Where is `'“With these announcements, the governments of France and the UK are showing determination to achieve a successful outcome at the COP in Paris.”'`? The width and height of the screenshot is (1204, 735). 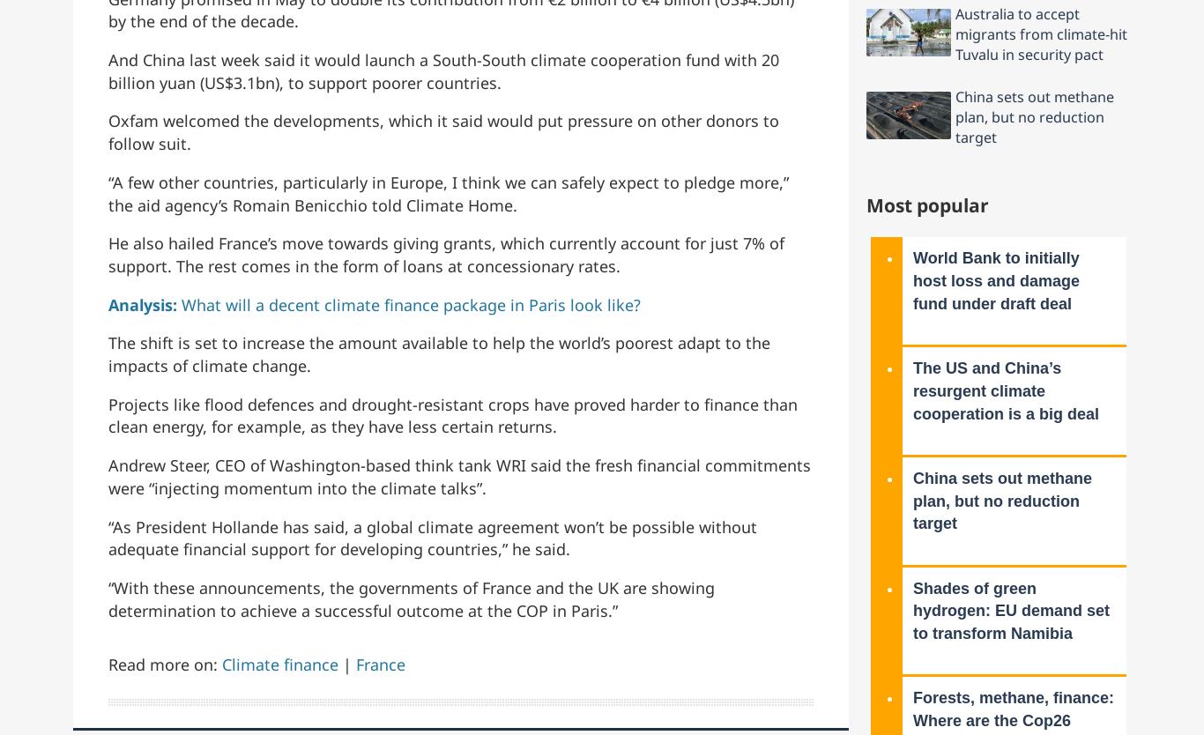
'“With these announcements, the governments of France and the UK are showing determination to achieve a successful outcome at the COP in Paris.”' is located at coordinates (412, 597).